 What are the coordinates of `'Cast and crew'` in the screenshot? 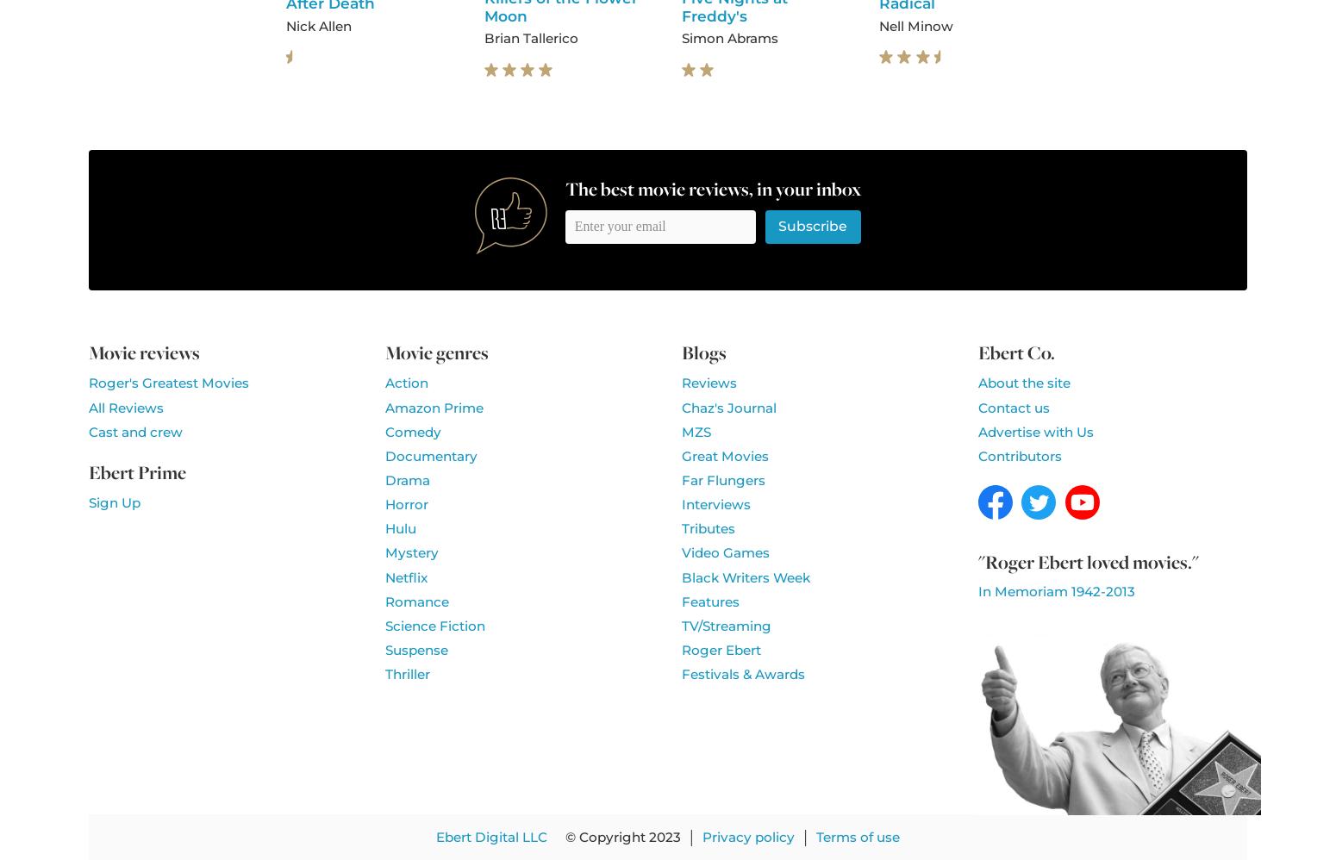 It's located at (89, 431).